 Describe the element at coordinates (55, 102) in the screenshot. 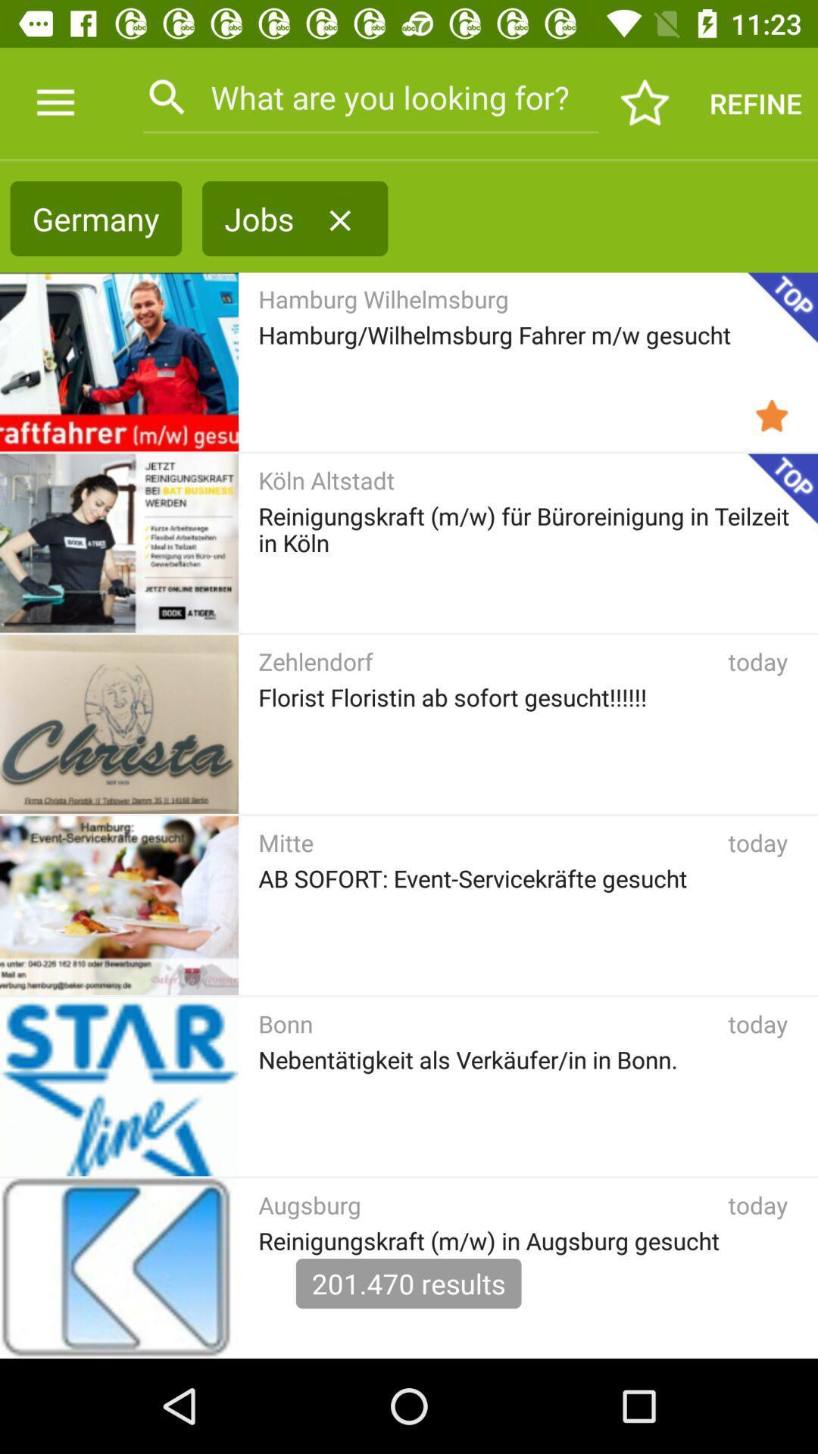

I see `icon next to the what are you` at that location.